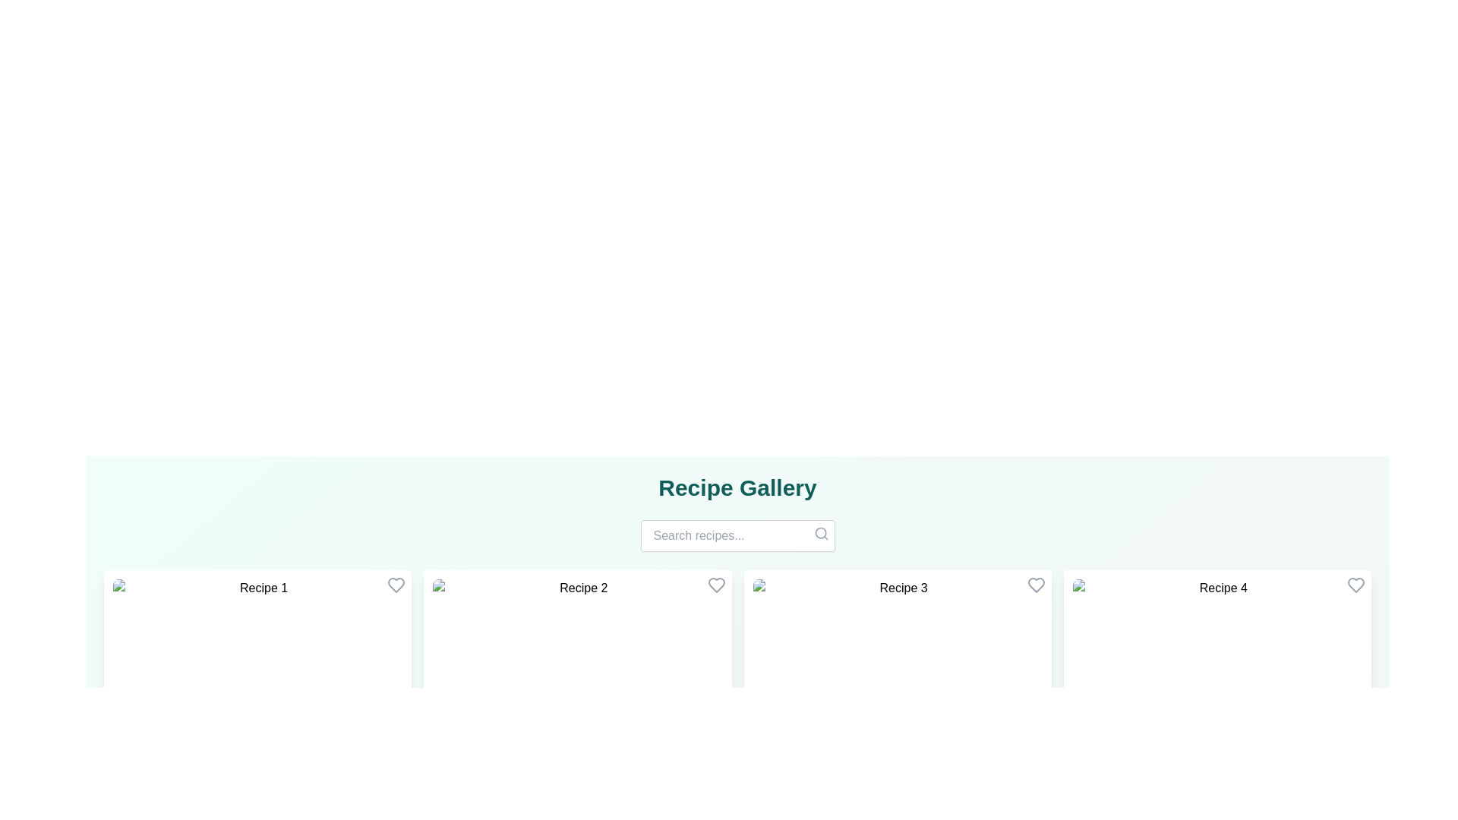 Image resolution: width=1458 pixels, height=820 pixels. What do you see at coordinates (1035, 585) in the screenshot?
I see `the heart-shaped icon with a gray stroke located at the top-right corner of the third recipe card in the grid` at bounding box center [1035, 585].